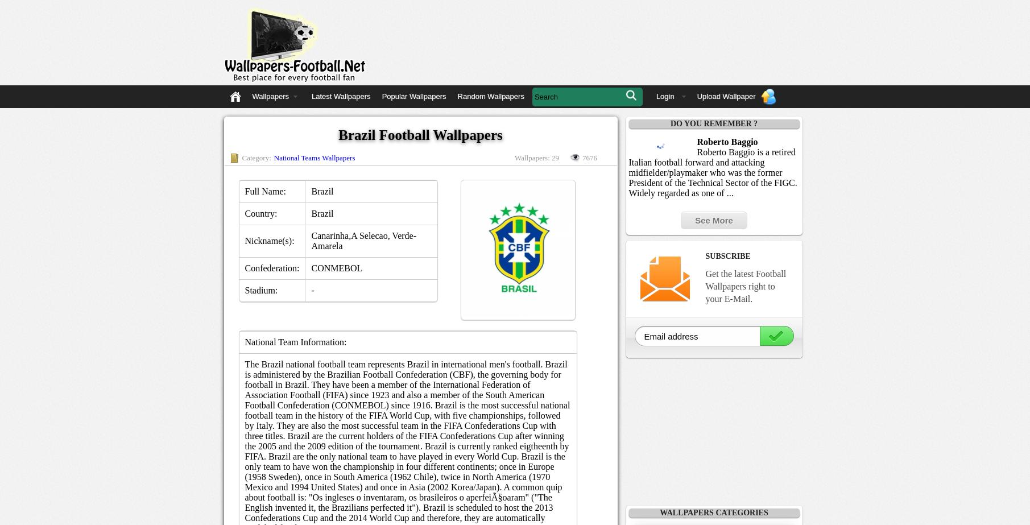 Image resolution: width=1030 pixels, height=525 pixels. What do you see at coordinates (271, 267) in the screenshot?
I see `'Confederation:'` at bounding box center [271, 267].